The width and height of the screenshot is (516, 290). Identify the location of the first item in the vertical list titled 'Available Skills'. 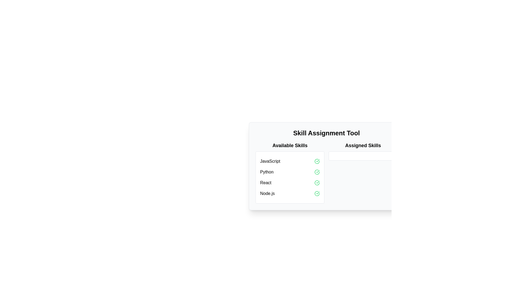
(290, 161).